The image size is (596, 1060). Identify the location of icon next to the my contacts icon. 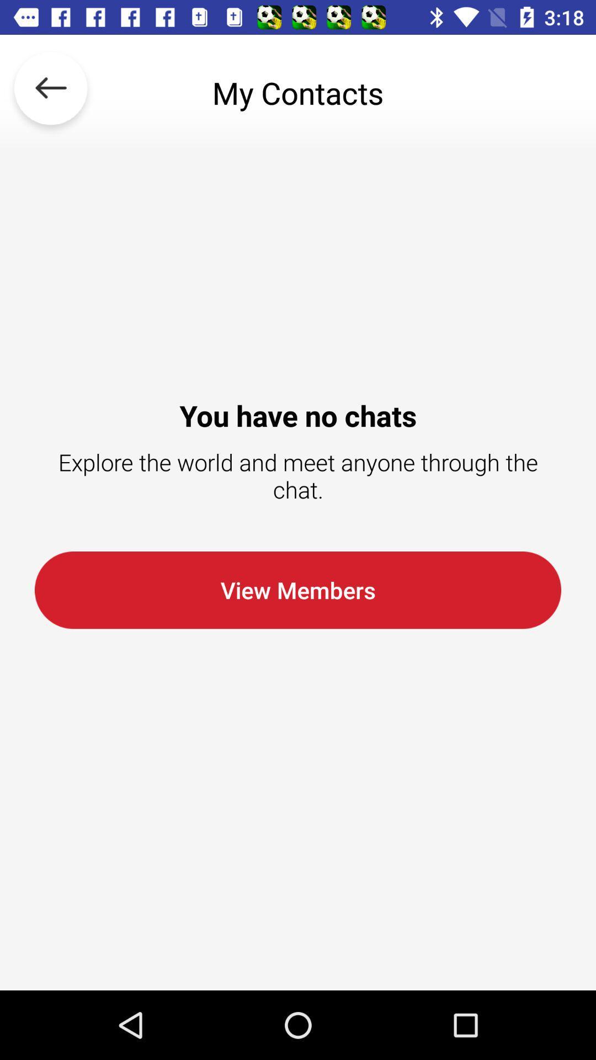
(51, 93).